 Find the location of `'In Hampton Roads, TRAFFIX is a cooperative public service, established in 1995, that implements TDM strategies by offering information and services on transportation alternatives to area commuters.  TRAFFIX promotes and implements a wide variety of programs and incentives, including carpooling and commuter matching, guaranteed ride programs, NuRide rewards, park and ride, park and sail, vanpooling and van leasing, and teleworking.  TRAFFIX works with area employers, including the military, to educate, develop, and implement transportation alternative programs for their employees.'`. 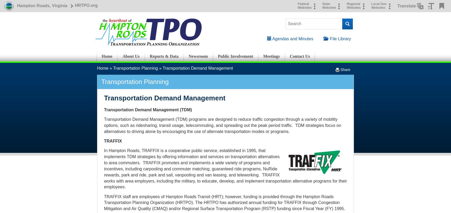

'In Hampton Roads, TRAFFIX is a cooperative public service, established in 1995, that implements TDM strategies by offering information and services on transportation alternatives to area commuters.  TRAFFIX promotes and implements a wide variety of programs and incentives, including carpooling and commuter matching, guaranteed ride programs, NuRide rewards, park and ride, park and sail, vanpooling and van leasing, and teleworking.  TRAFFIX works with area employers, including the military, to educate, develop, and implement transportation alternative programs for their employees.' is located at coordinates (104, 169).